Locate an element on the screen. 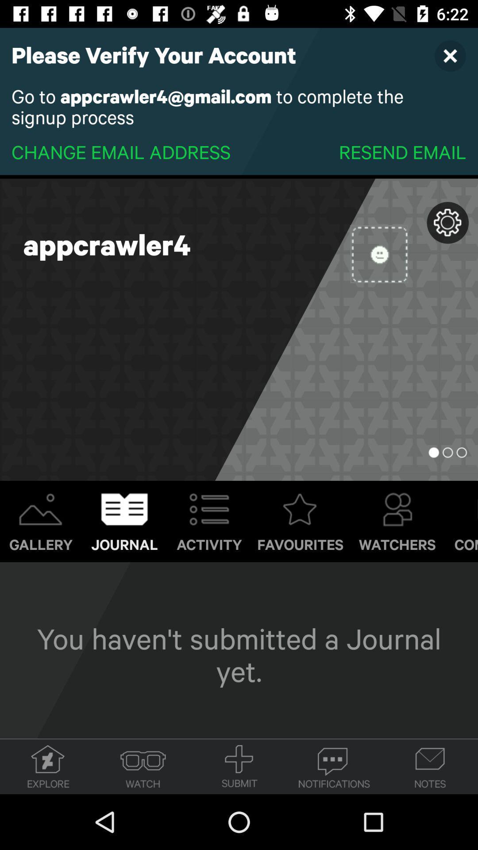 This screenshot has width=478, height=850. item below the go to appcrawler4 item is located at coordinates (402, 151).